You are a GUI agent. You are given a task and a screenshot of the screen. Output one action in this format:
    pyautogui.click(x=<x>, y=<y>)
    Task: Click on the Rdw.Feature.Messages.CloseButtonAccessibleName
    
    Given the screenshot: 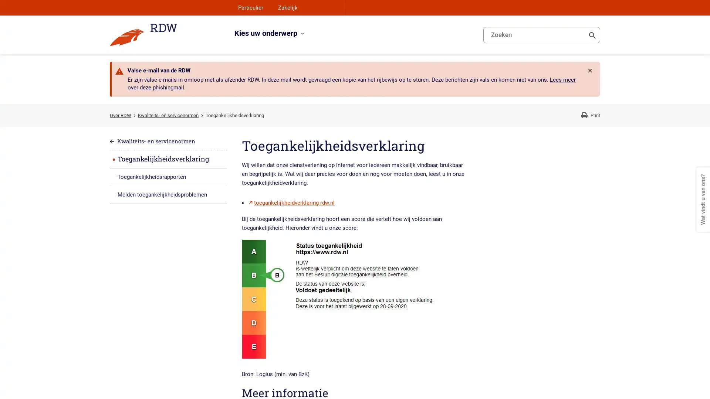 What is the action you would take?
    pyautogui.click(x=589, y=71)
    